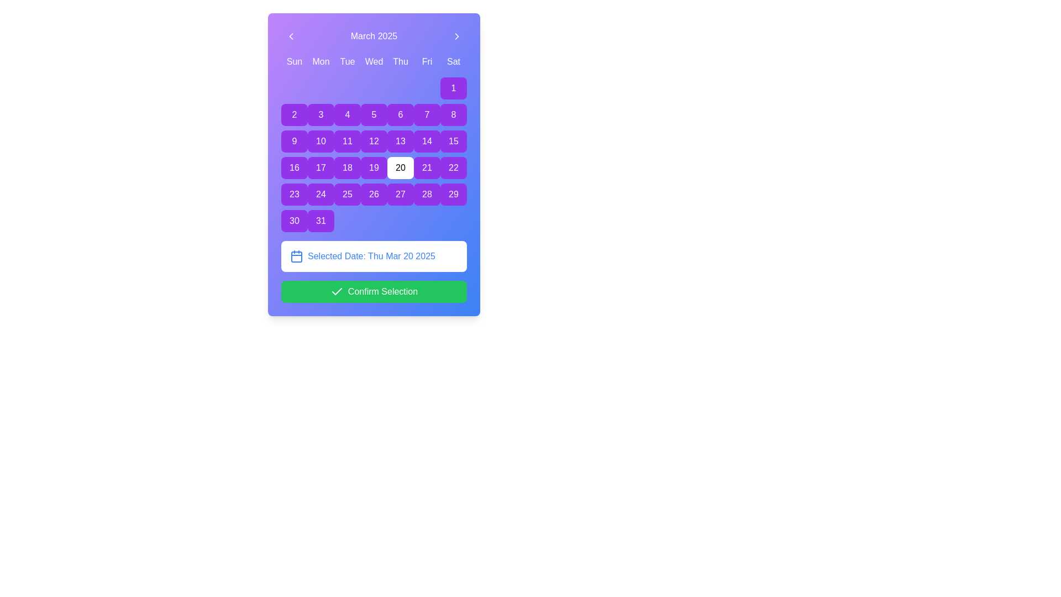  I want to click on the button representing the date '14' in the calendar view, so click(426, 140).